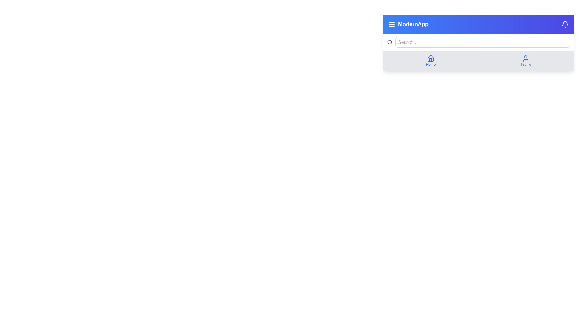 The image size is (586, 329). What do you see at coordinates (565, 24) in the screenshot?
I see `the notification bell icon located in the top-right corner of the header` at bounding box center [565, 24].